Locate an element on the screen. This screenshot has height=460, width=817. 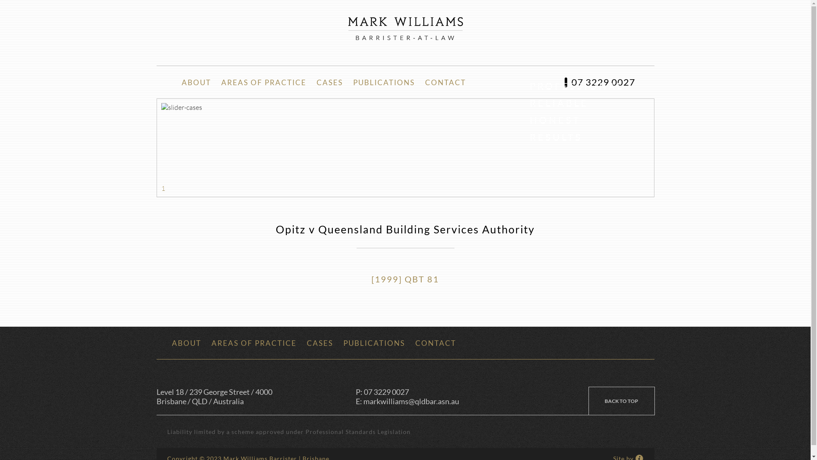
'BACK TO TOP' is located at coordinates (621, 401).